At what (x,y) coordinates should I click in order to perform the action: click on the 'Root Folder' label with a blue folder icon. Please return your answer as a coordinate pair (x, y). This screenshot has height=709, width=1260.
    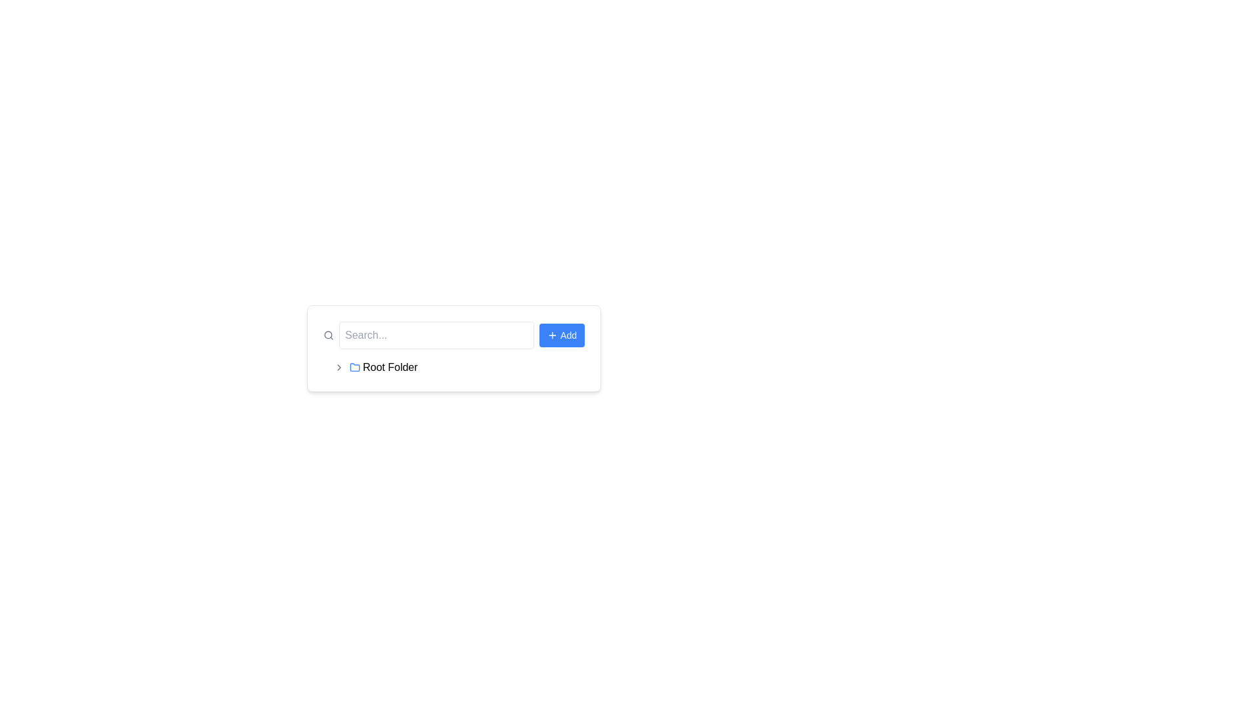
    Looking at the image, I should click on (383, 367).